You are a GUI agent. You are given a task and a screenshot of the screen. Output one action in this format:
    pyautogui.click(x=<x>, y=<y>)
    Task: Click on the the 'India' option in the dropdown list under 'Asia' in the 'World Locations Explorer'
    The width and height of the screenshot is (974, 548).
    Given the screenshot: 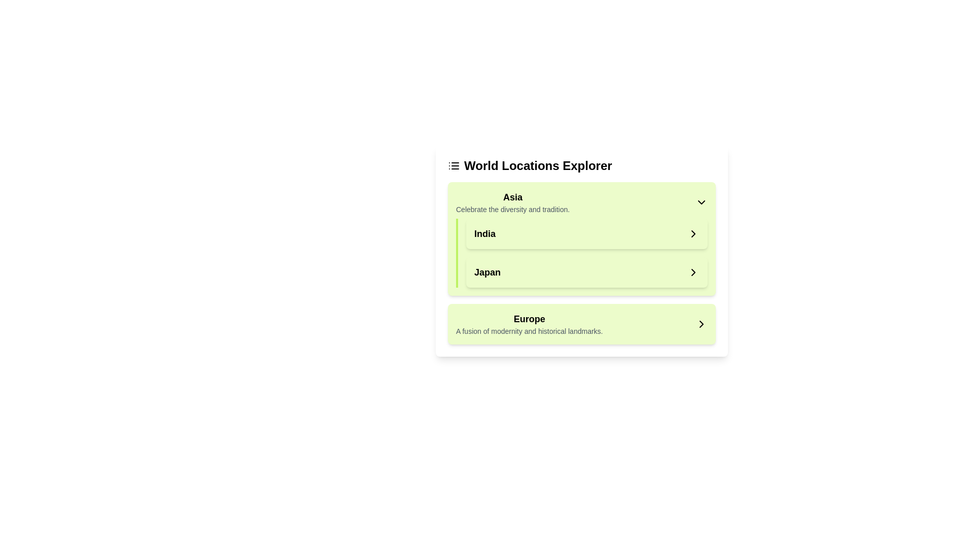 What is the action you would take?
    pyautogui.click(x=484, y=234)
    